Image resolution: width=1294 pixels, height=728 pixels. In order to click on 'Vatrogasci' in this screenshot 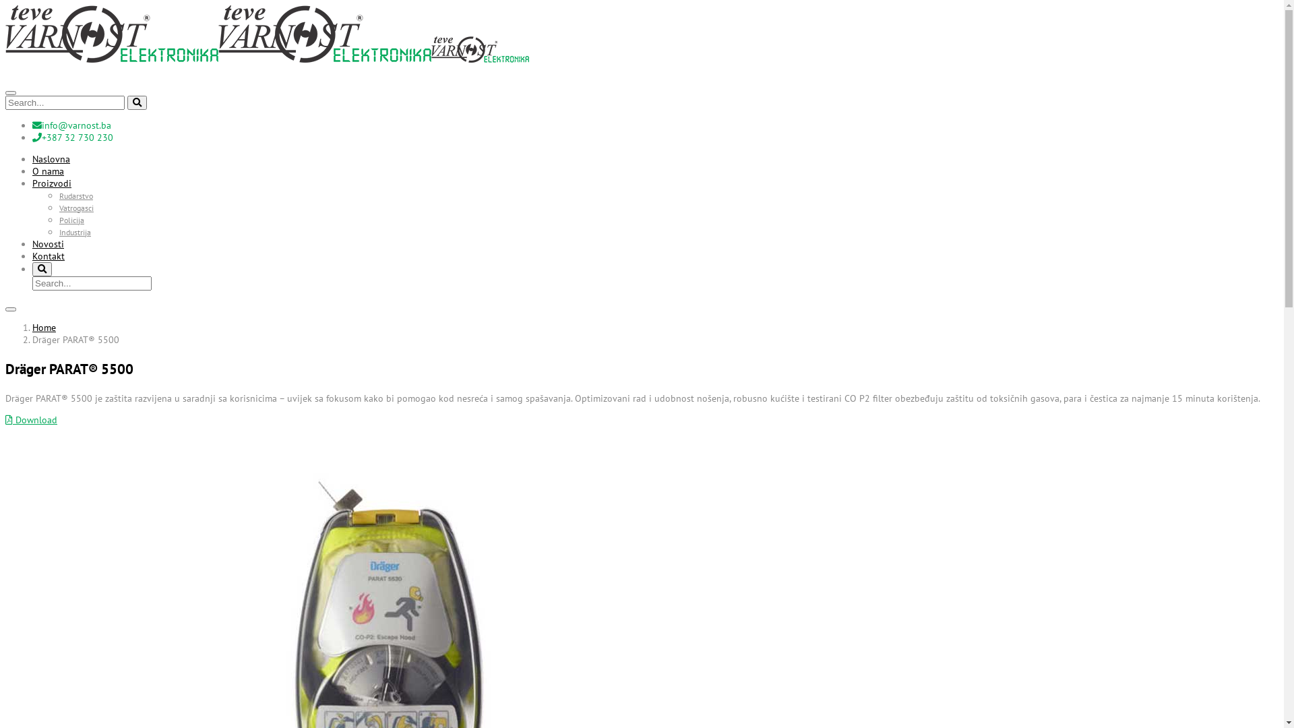, I will do `click(75, 207)`.